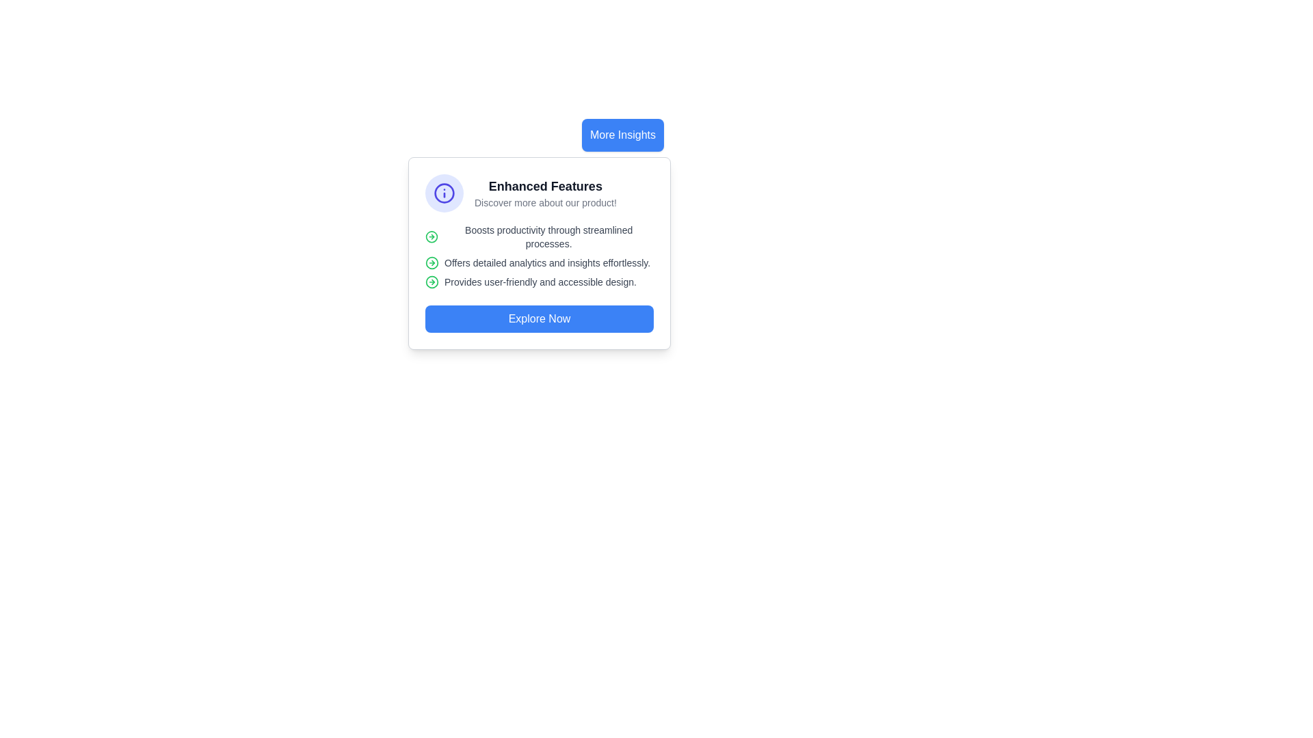 The height and width of the screenshot is (738, 1313). I want to click on the navigational button located at the top of the modal window, above the section with detailed features and calls-to-action, so click(622, 135).